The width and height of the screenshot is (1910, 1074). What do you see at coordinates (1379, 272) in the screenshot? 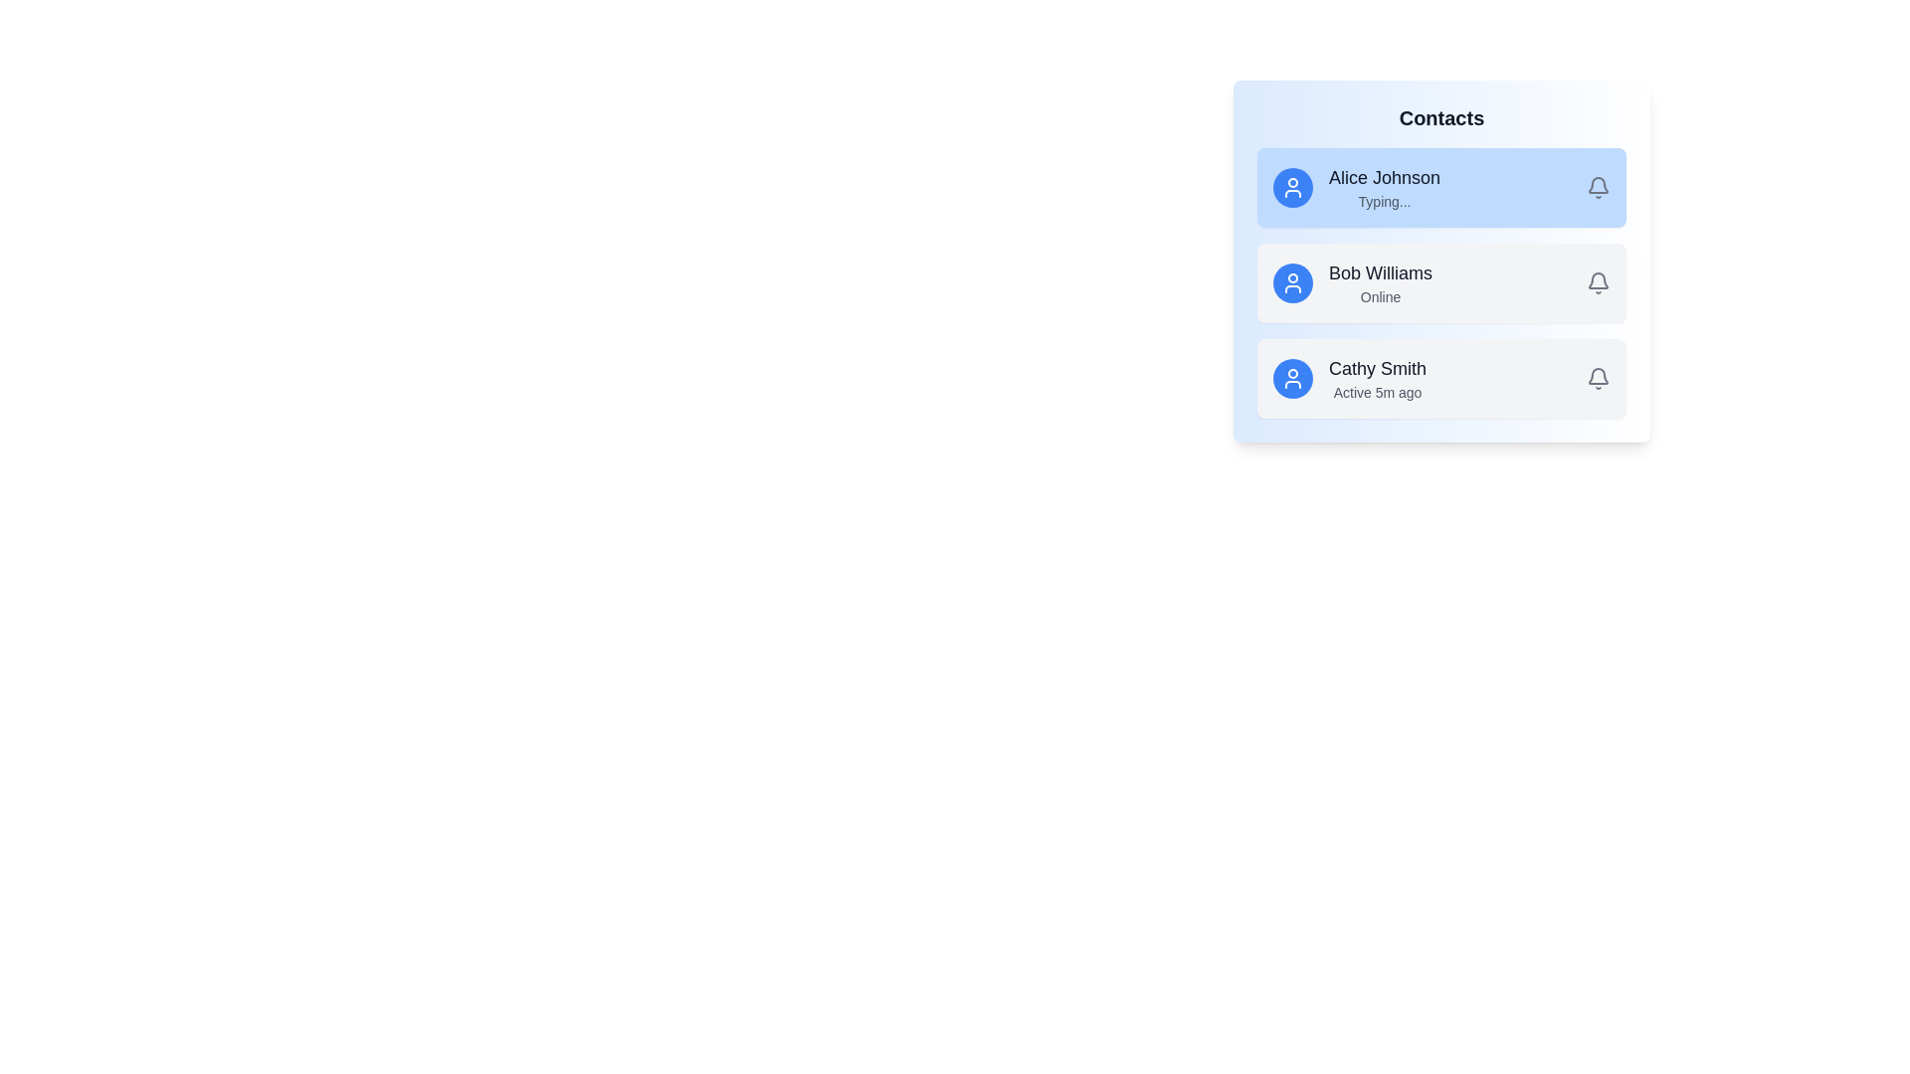
I see `the username Text Label that displays the contact's name in the second contact slot, located below 'Alice Johnson' and above 'Cathy Smith'` at bounding box center [1379, 272].